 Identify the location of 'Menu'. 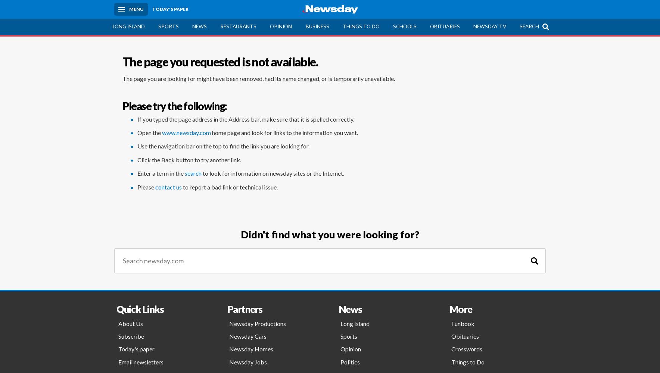
(136, 9).